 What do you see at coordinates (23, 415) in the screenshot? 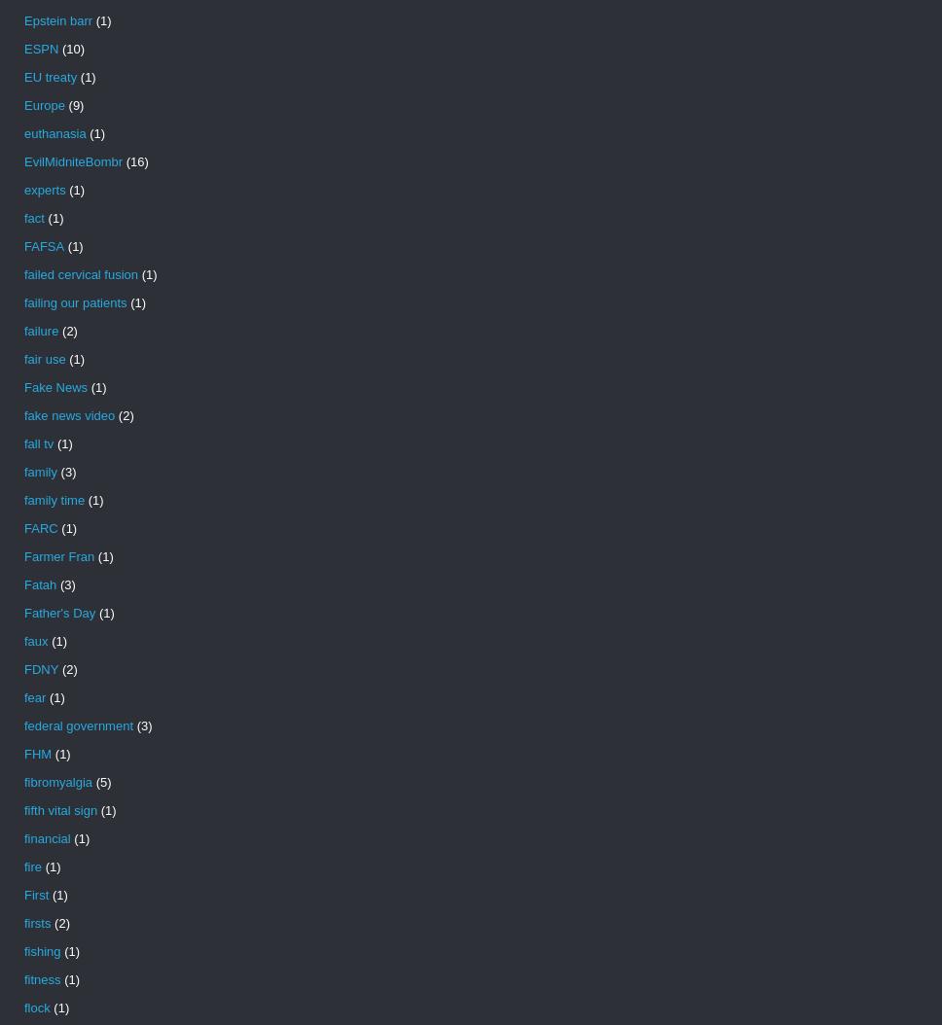
I see `'fake news video'` at bounding box center [23, 415].